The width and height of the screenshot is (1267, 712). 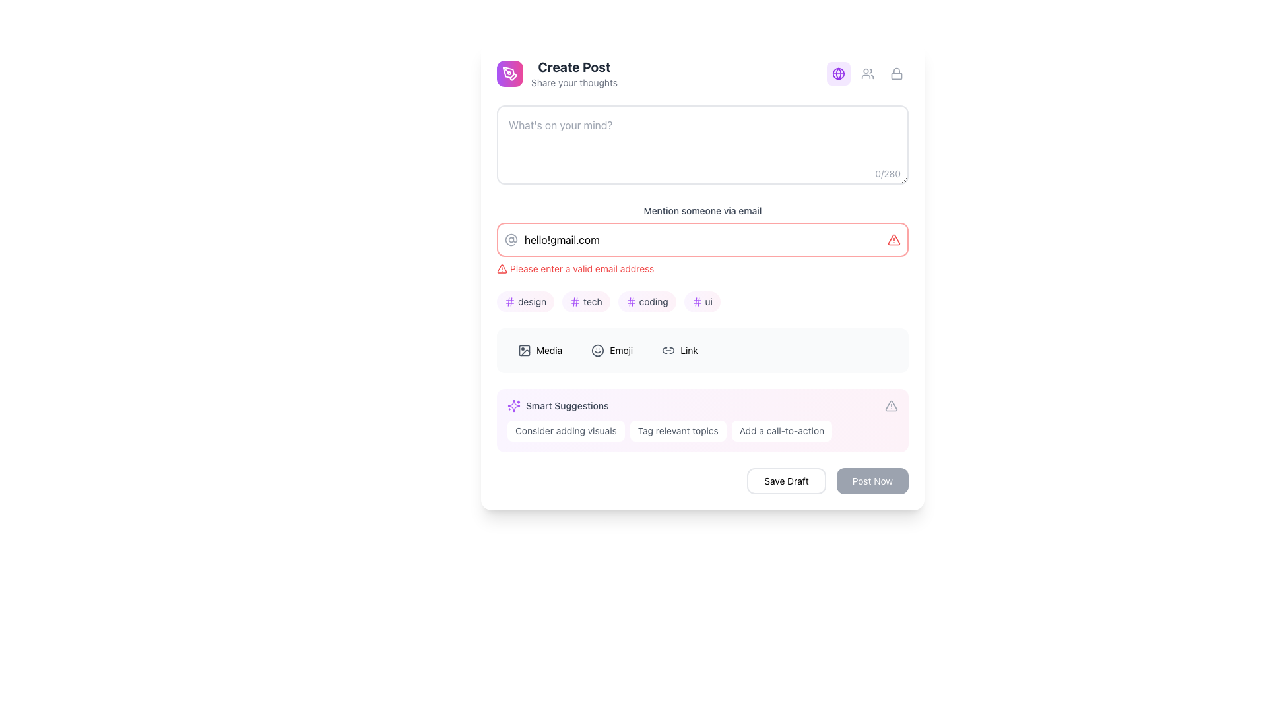 What do you see at coordinates (567, 405) in the screenshot?
I see `the 'Smart Suggestions' label, which is displayed in a medium-sized gray font on a pastel background, located to the right of a purple sparkles icon in the bottom part of the interface` at bounding box center [567, 405].